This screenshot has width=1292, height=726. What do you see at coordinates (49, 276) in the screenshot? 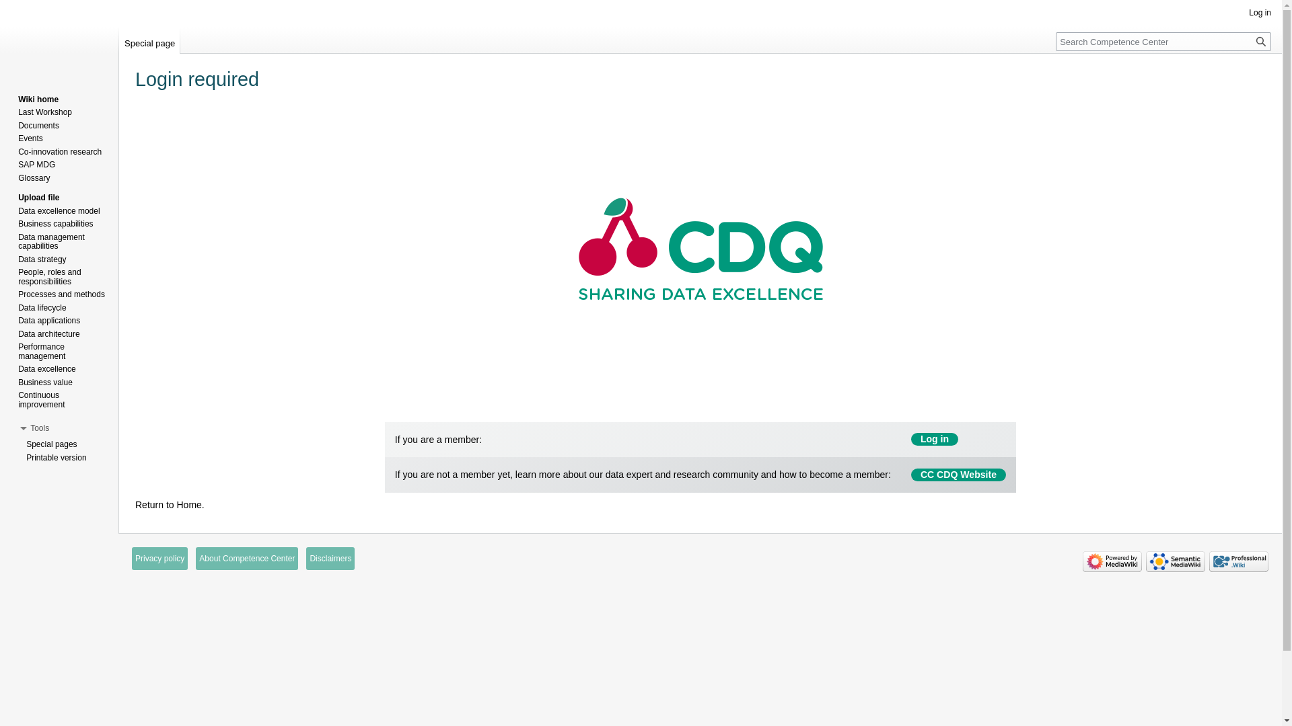
I see `'People, roles and responsibilities'` at bounding box center [49, 276].